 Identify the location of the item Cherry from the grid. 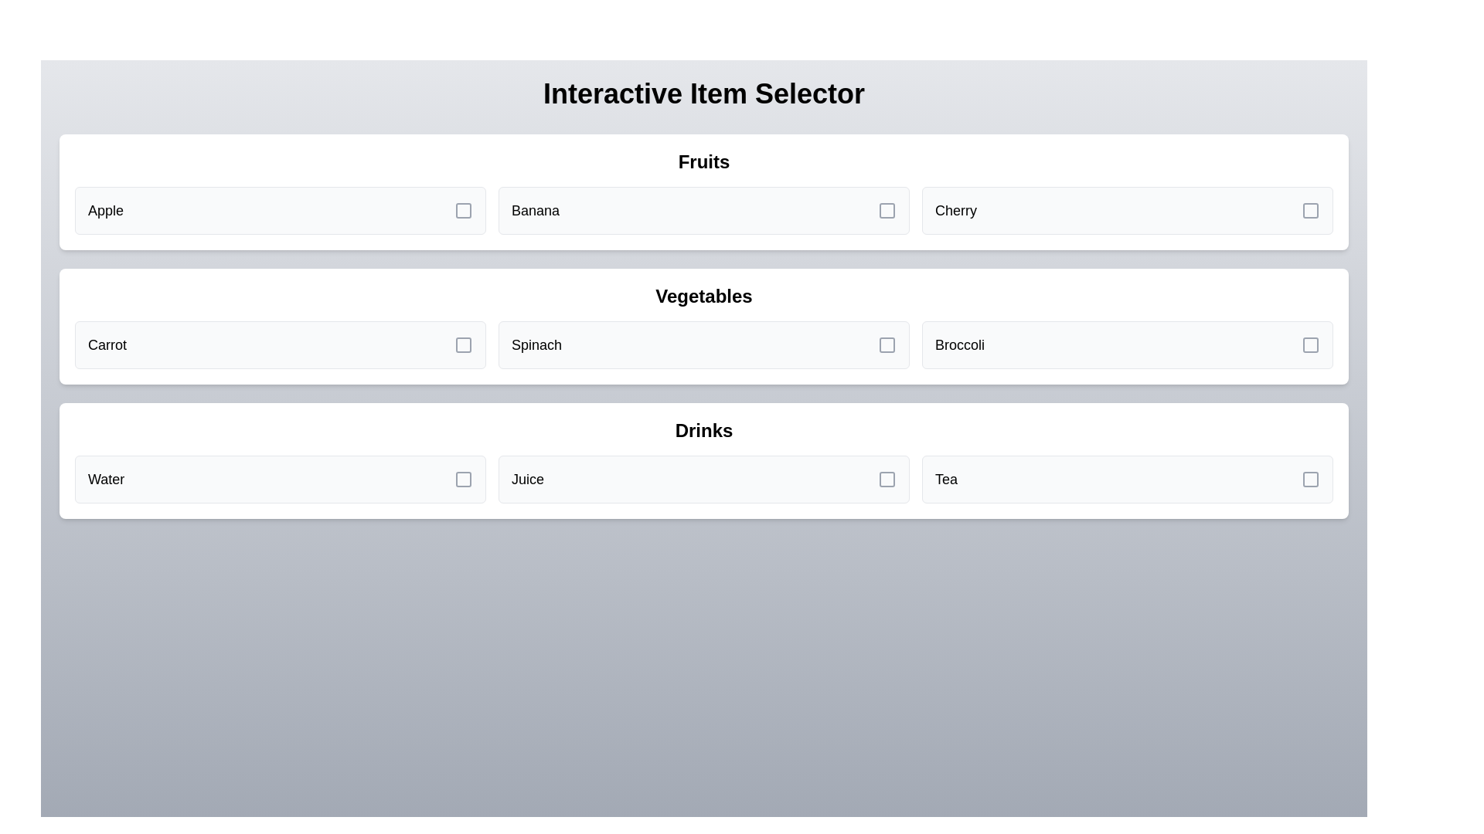
(1128, 211).